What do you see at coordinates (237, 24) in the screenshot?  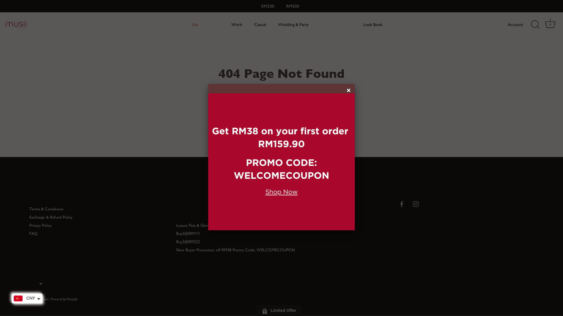 I see `'Work'` at bounding box center [237, 24].